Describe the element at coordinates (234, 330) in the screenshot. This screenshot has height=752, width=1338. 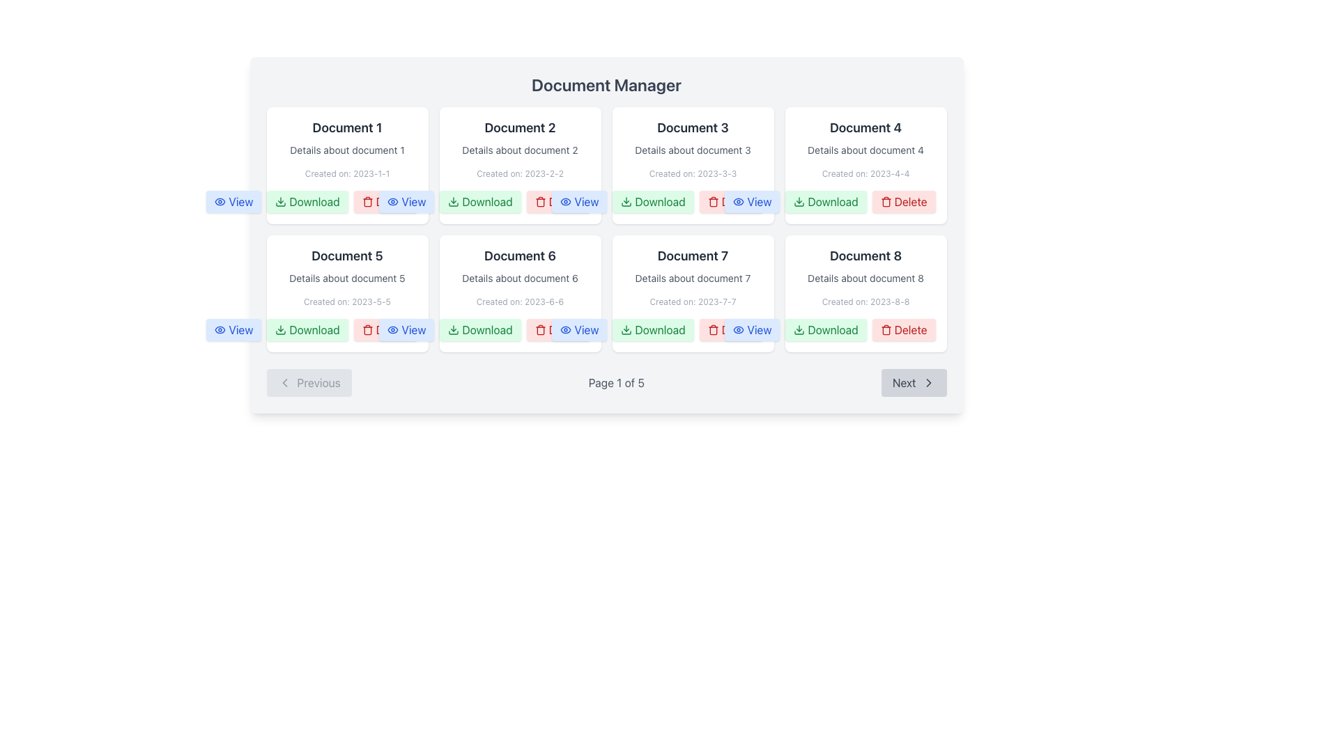
I see `the 'View' button located in the bottom left corner of the 'Document 5' card` at that location.